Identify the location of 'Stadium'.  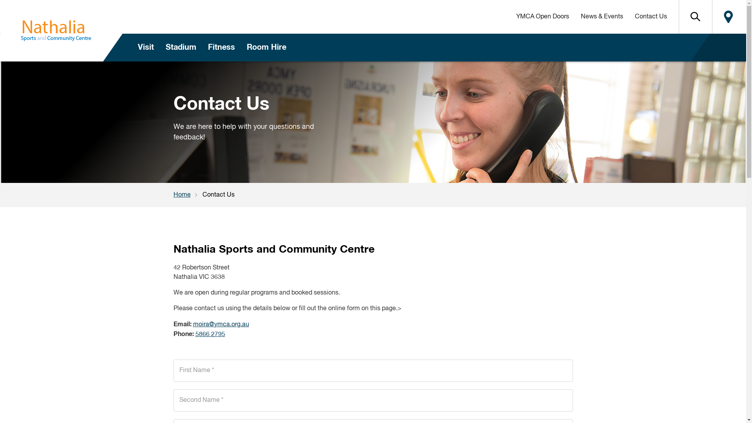
(180, 47).